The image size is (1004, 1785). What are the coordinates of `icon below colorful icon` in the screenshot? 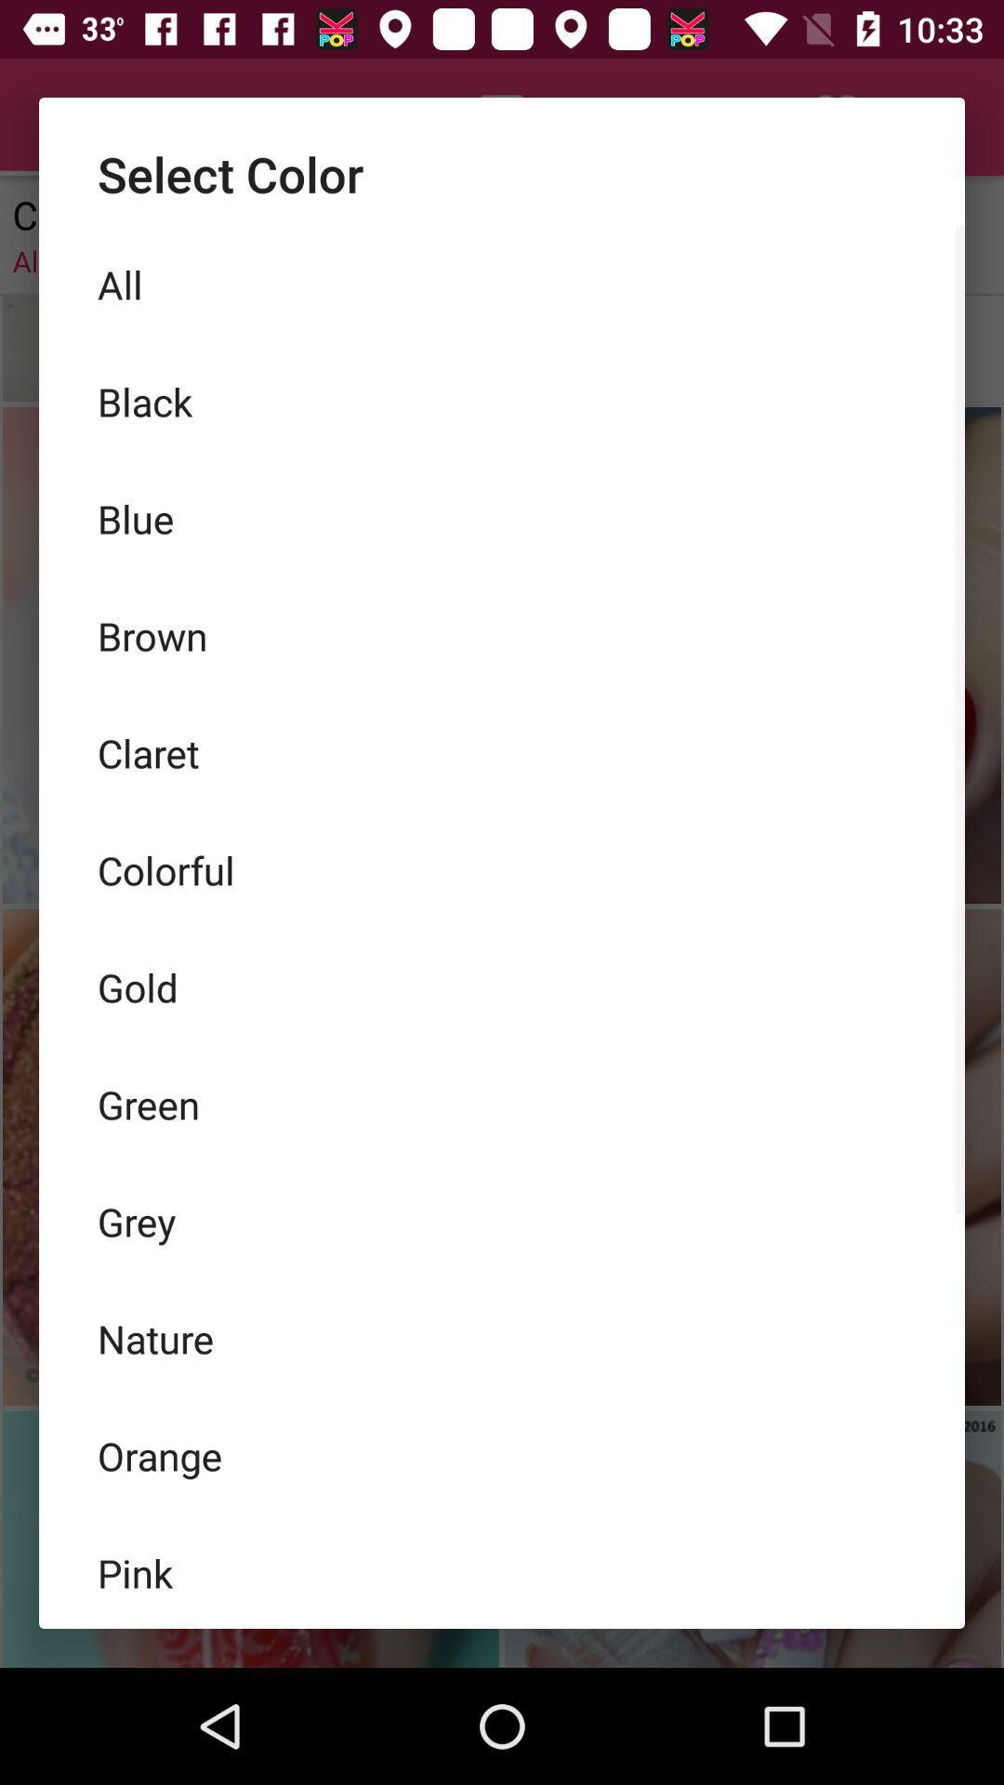 It's located at (502, 985).